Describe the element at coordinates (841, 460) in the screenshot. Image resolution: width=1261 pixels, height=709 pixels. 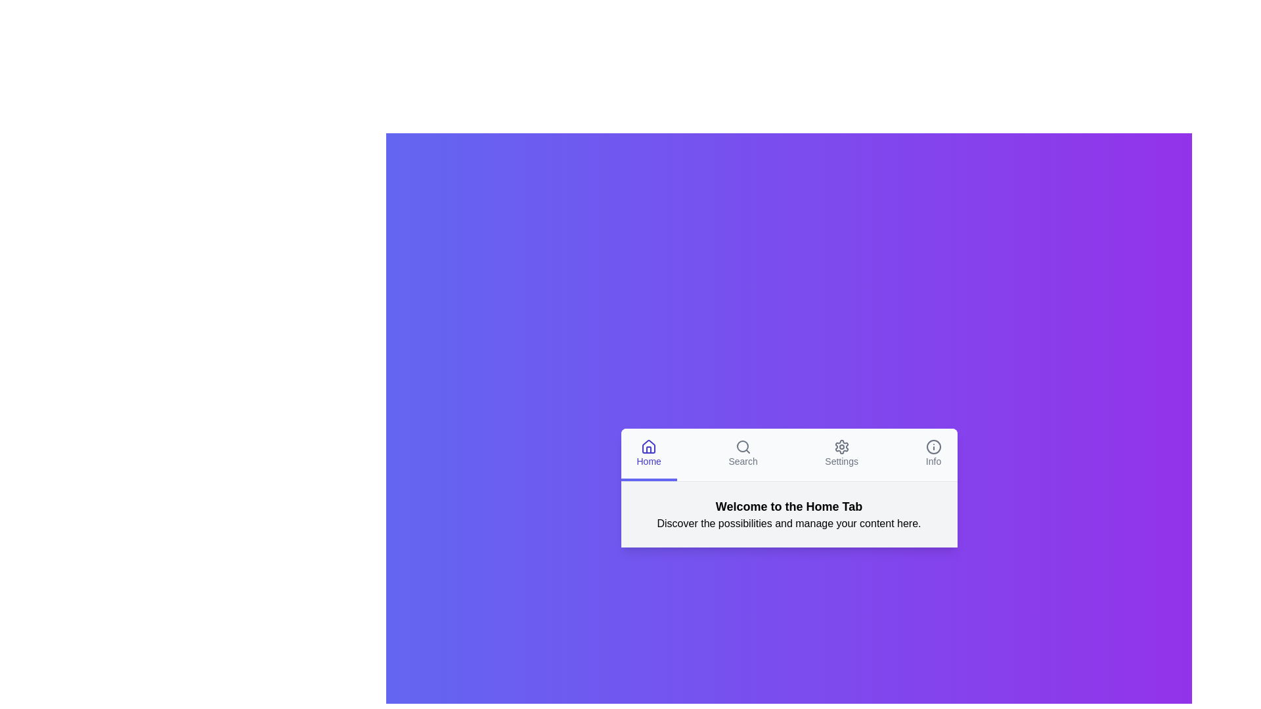
I see `the 'Settings' text label located in the bottom navigation bar, which is directly beneath the cogwheel icon` at that location.